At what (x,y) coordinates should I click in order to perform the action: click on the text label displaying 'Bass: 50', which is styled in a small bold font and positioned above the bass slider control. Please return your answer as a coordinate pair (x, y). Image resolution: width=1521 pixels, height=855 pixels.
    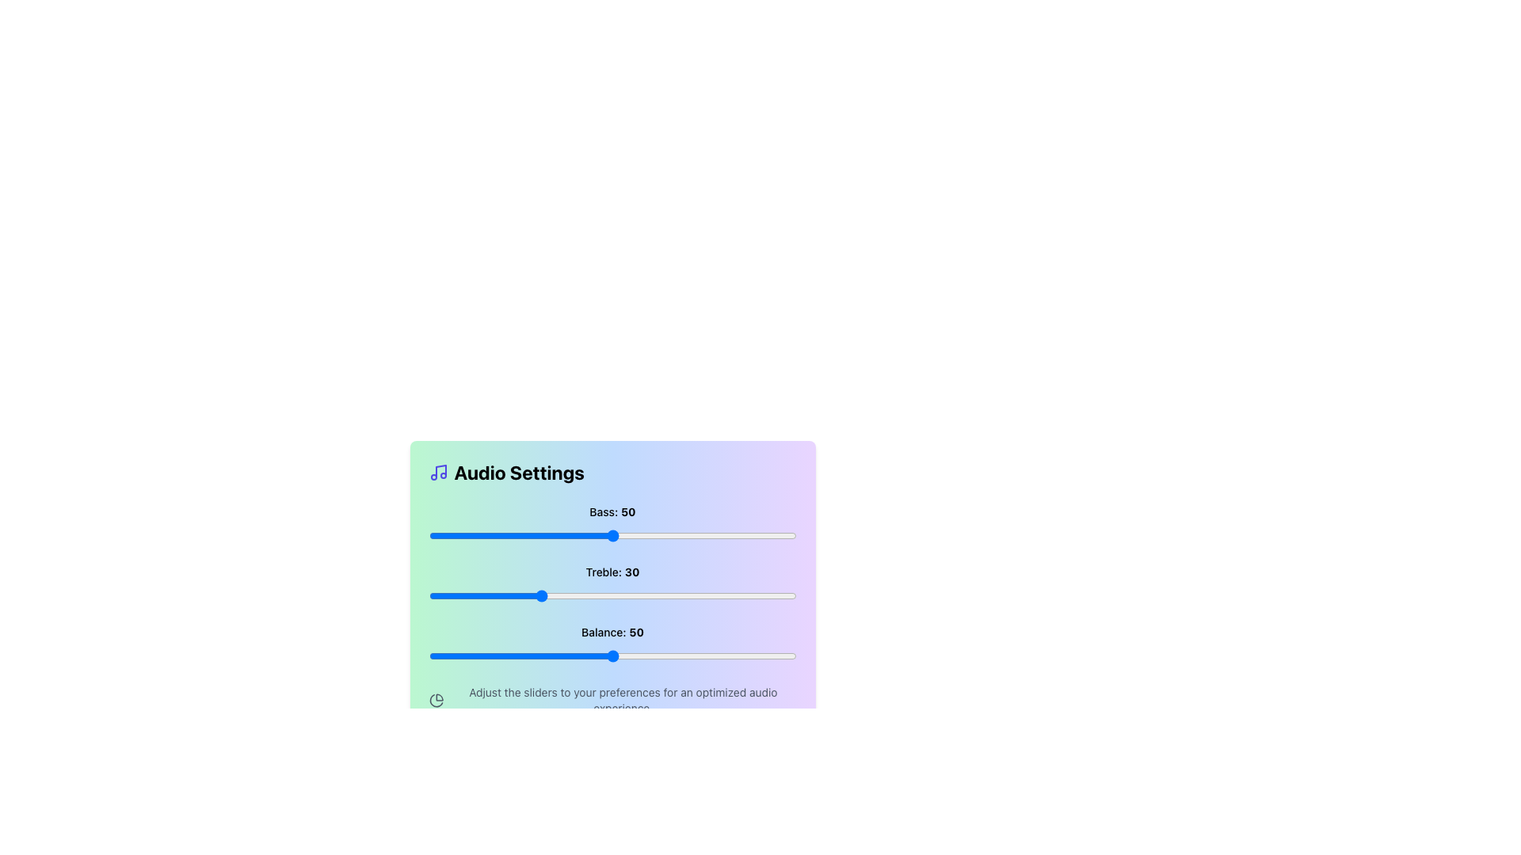
    Looking at the image, I should click on (612, 512).